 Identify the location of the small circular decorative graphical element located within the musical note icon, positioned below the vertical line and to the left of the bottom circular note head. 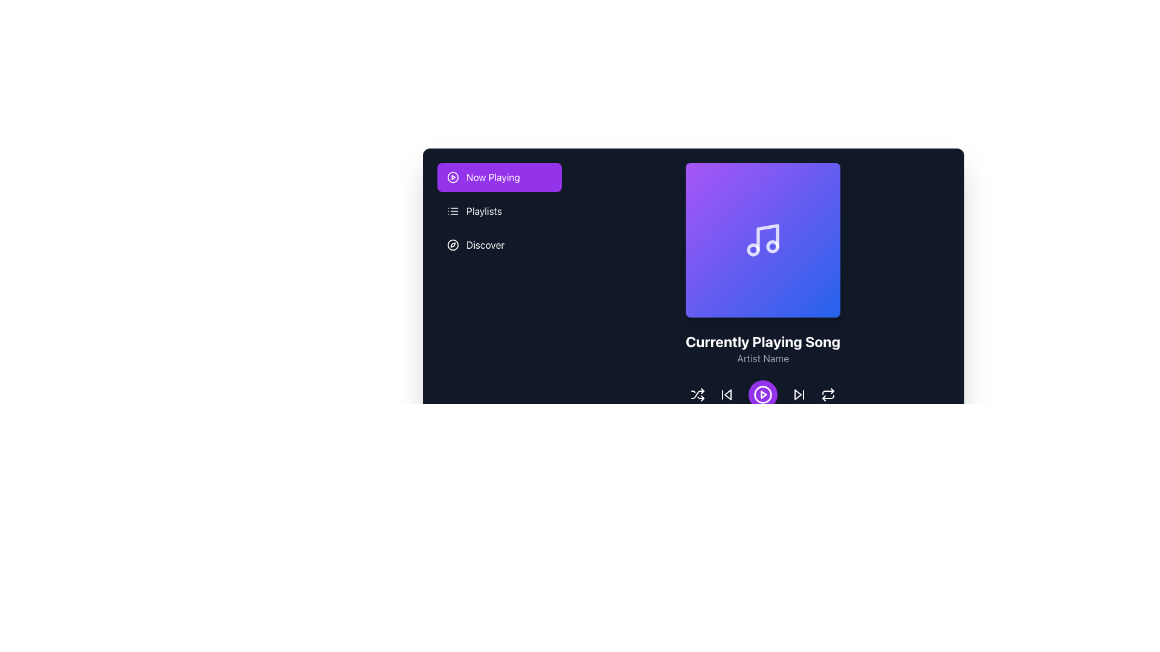
(753, 249).